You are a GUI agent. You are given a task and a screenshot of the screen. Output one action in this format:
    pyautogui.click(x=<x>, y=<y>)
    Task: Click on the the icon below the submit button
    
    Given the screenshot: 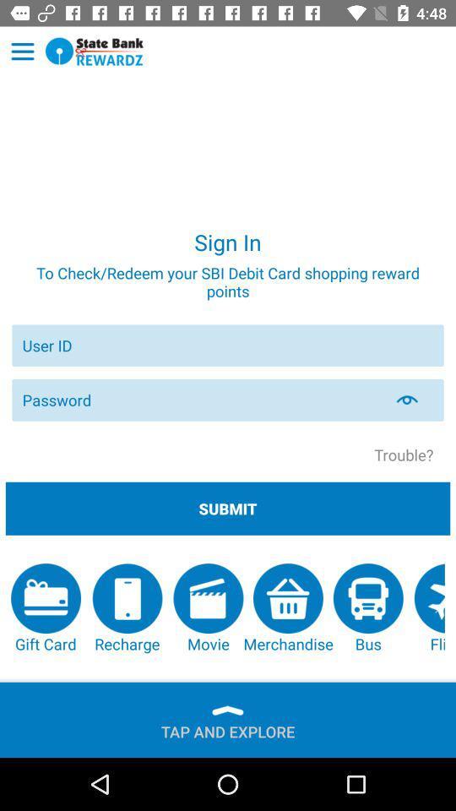 What is the action you would take?
    pyautogui.click(x=46, y=608)
    